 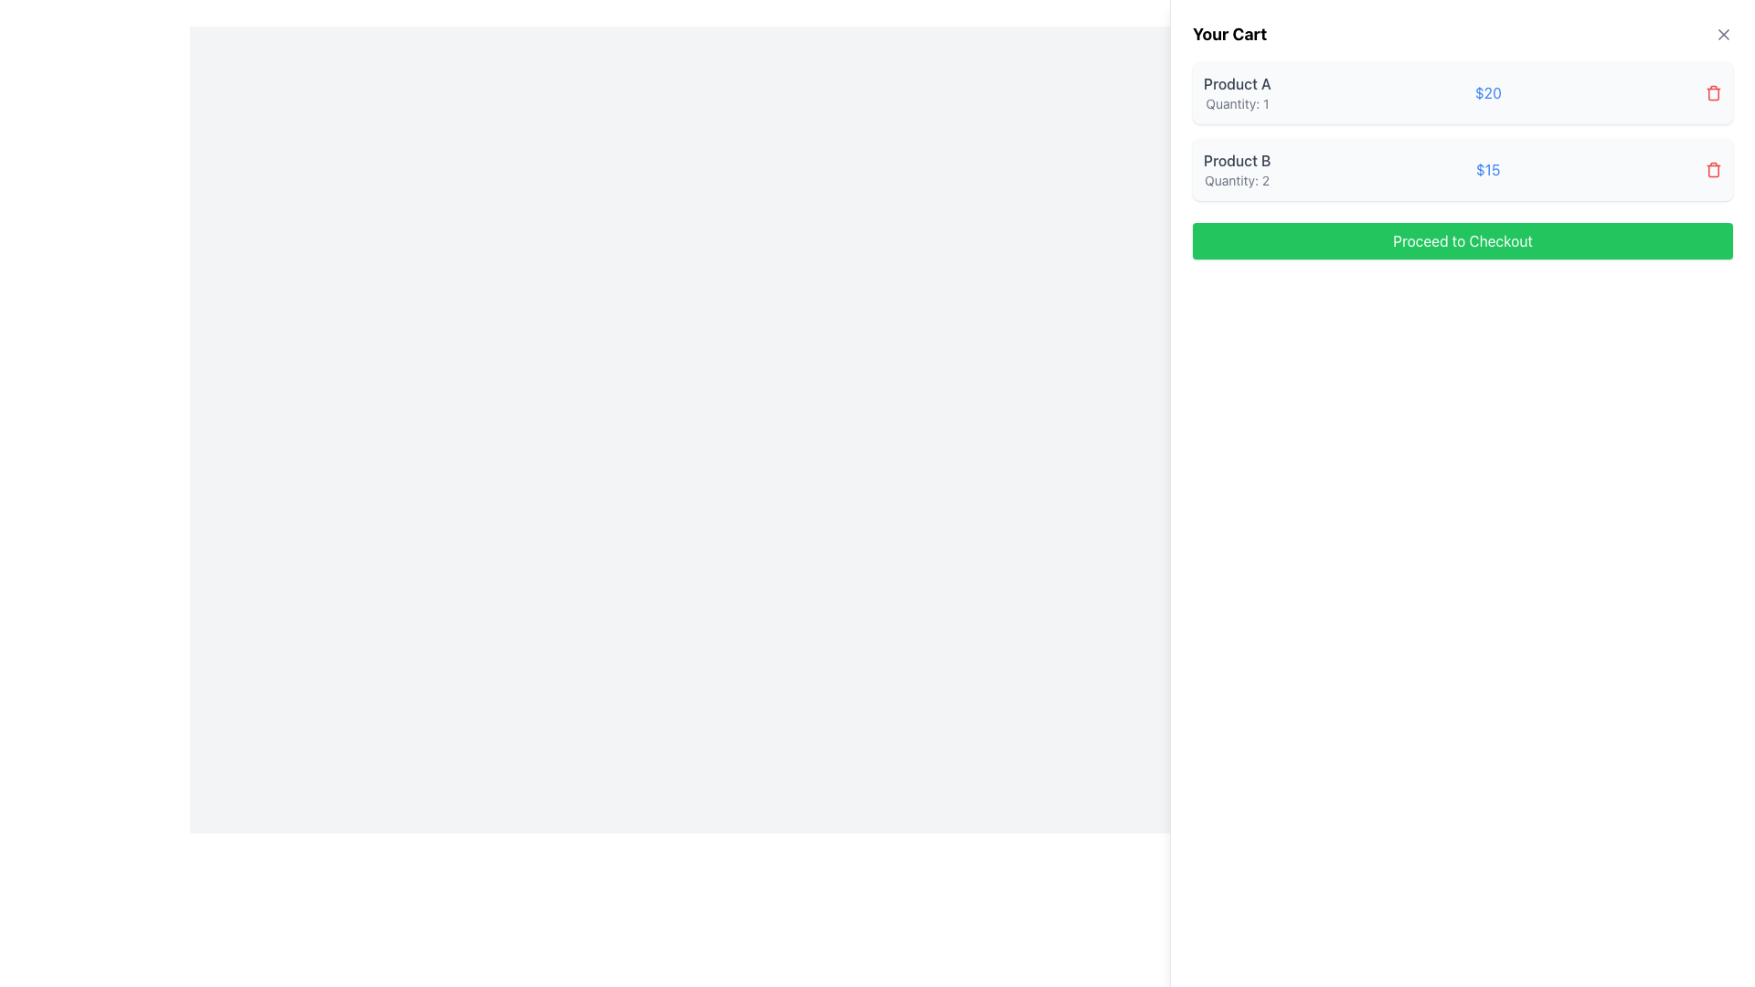 I want to click on the static text label indicating the quantity of 'Product B' in the cart, located under the text 'Product B' in the cart listing section, so click(x=1237, y=180).